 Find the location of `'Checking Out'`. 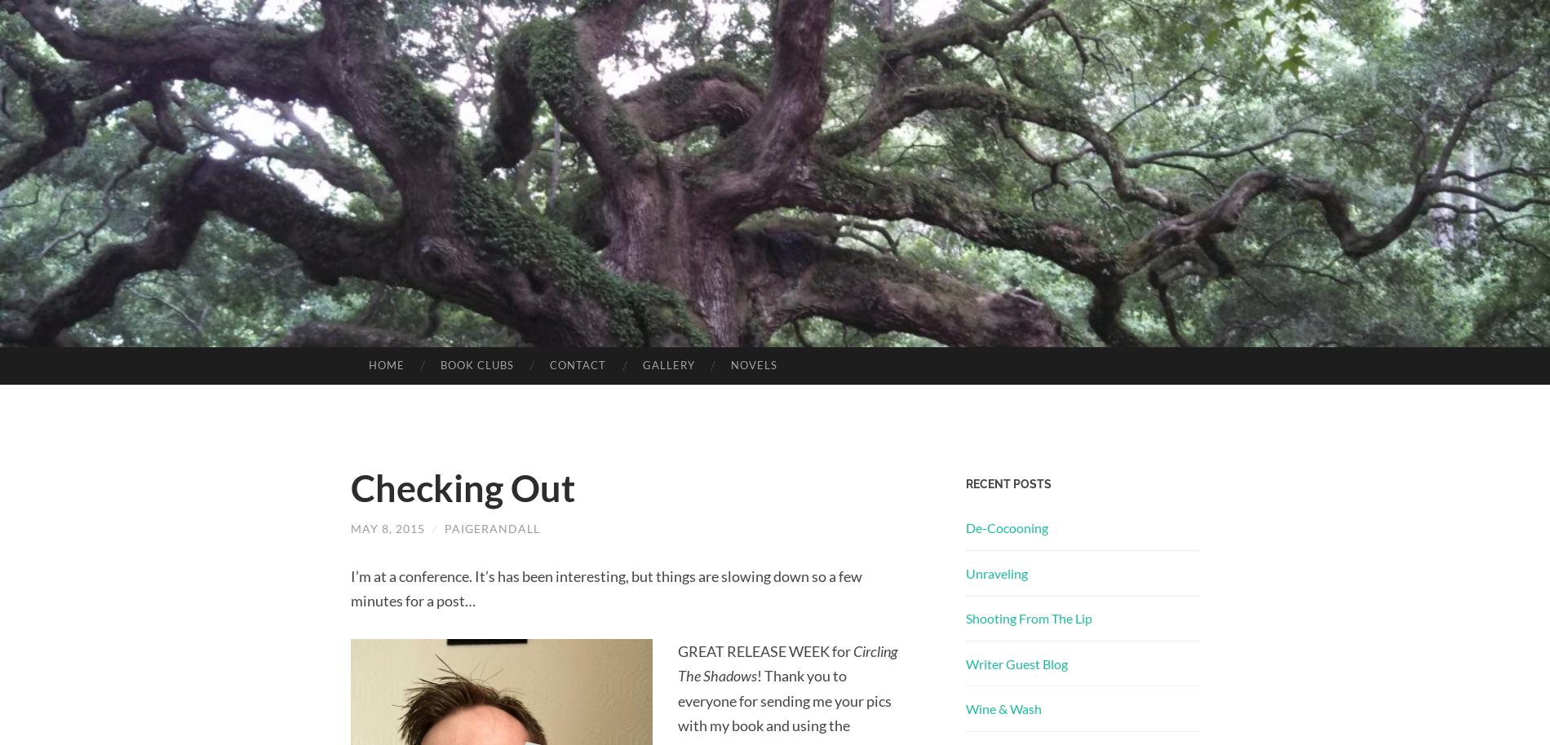

'Checking Out' is located at coordinates (463, 487).